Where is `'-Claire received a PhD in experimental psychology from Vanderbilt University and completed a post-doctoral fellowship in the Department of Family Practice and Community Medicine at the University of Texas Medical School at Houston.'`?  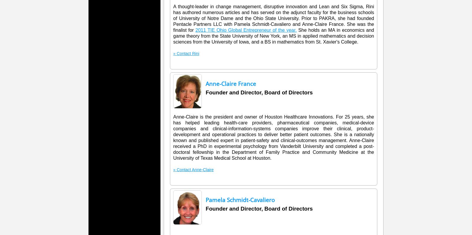
'-Claire received a PhD in experimental psychology from Vanderbilt University and completed a post-doctoral fellowship in the Department of Family Practice and Community Medicine at the University of Texas Medical School at Houston.' is located at coordinates (273, 149).